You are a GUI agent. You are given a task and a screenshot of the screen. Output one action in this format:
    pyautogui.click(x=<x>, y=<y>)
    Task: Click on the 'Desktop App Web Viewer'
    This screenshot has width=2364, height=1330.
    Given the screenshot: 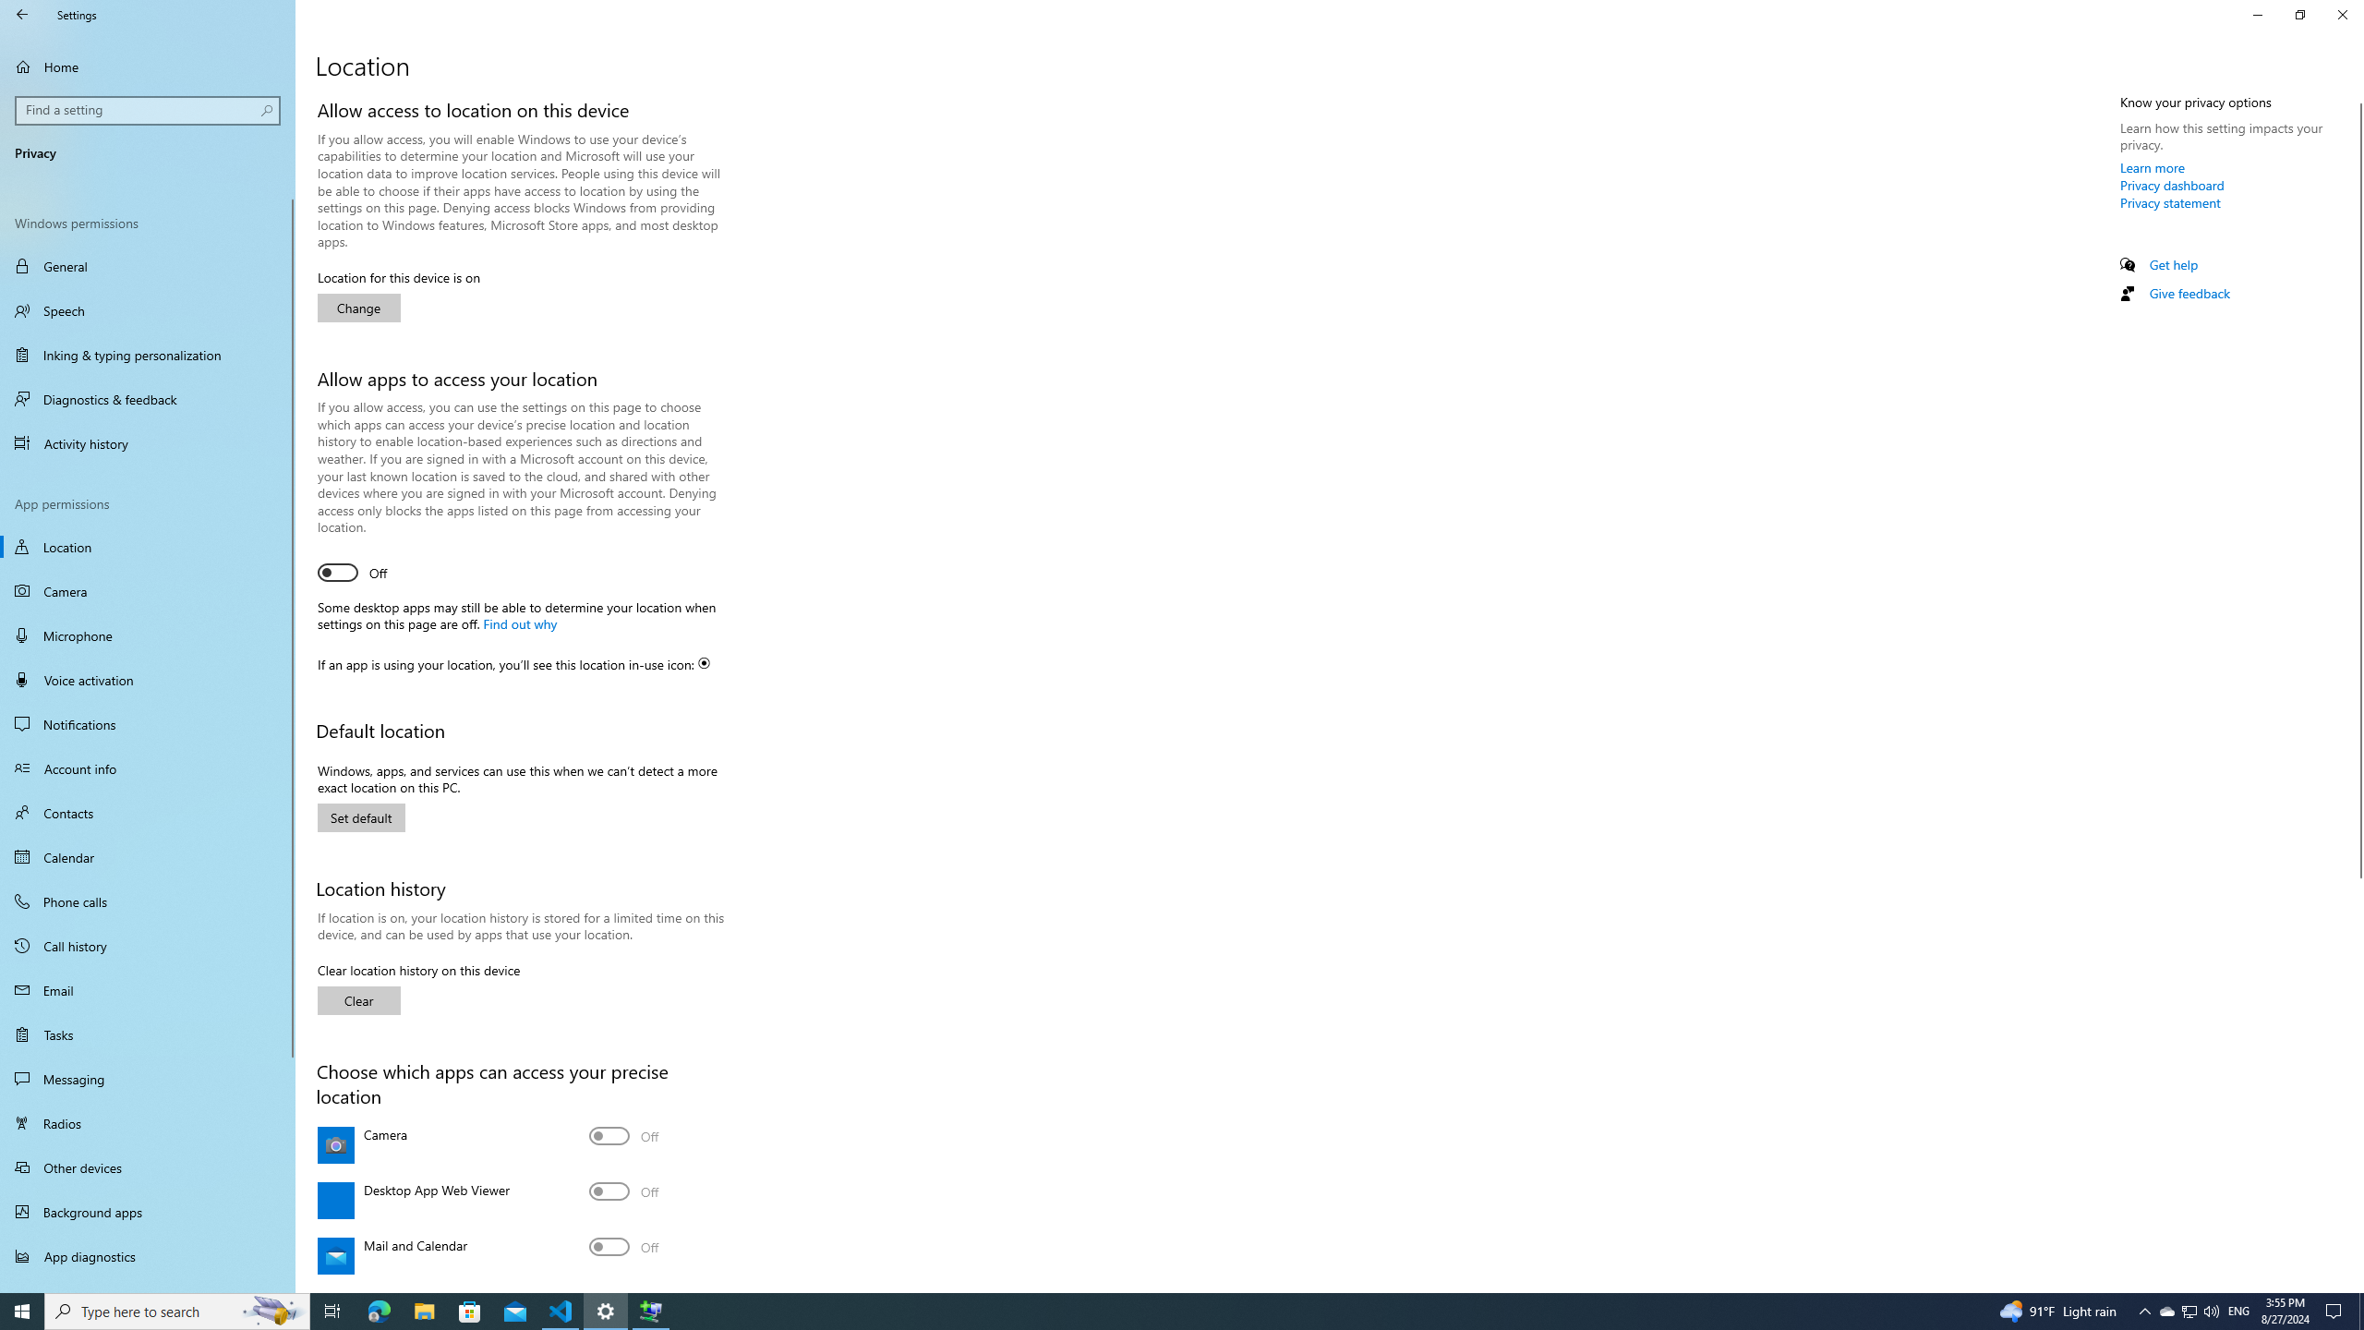 What is the action you would take?
    pyautogui.click(x=622, y=1191)
    